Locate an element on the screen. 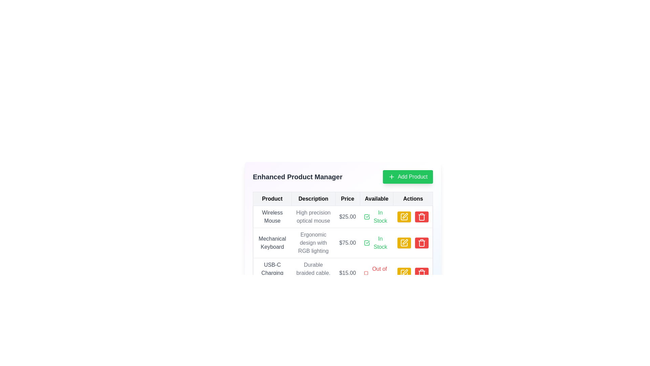  the Table Header Row, which provides categorical titles for the data rows below it, helping users understand the contents of each column is located at coordinates (343, 198).